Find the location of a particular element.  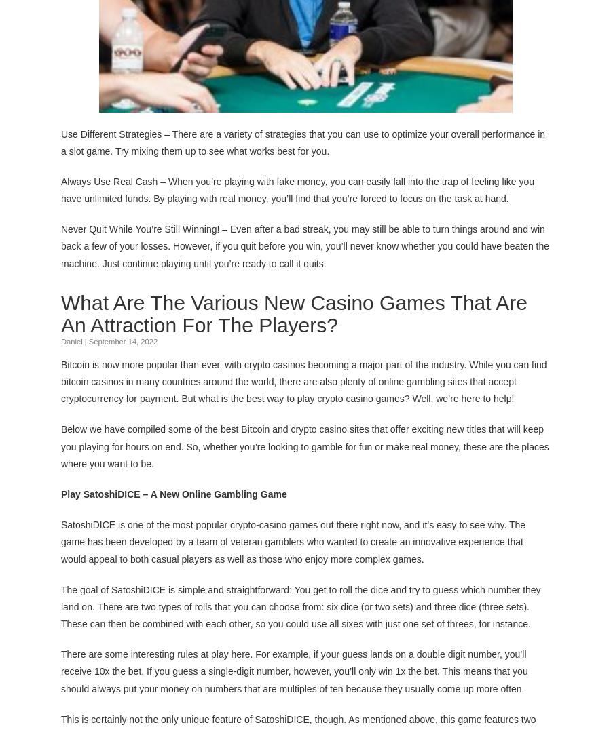

'Daniel' is located at coordinates (71, 340).